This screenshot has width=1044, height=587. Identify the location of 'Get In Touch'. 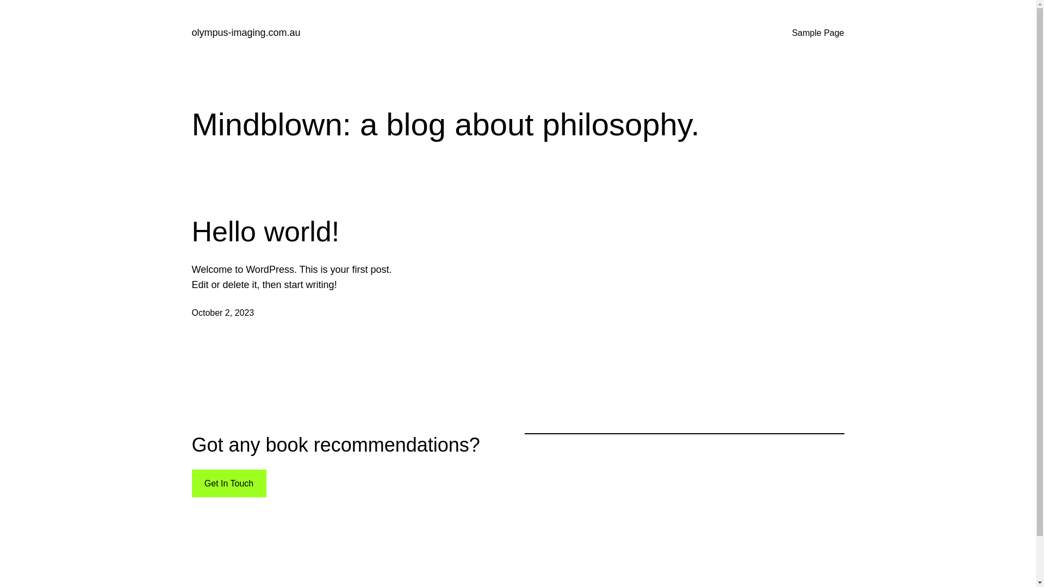
(228, 483).